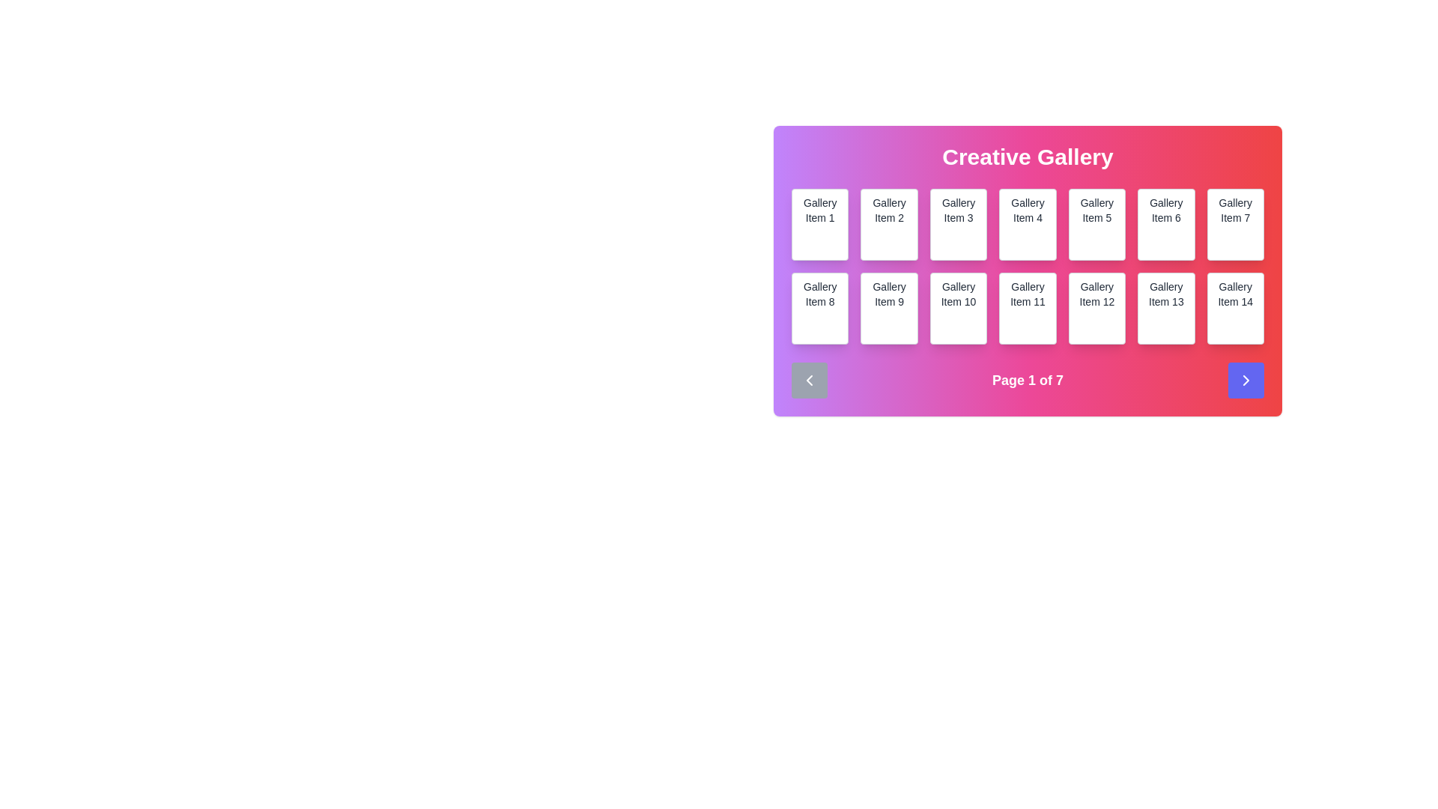 This screenshot has width=1438, height=809. I want to click on the center text of the eleventh card in the gallery, so click(1027, 308).